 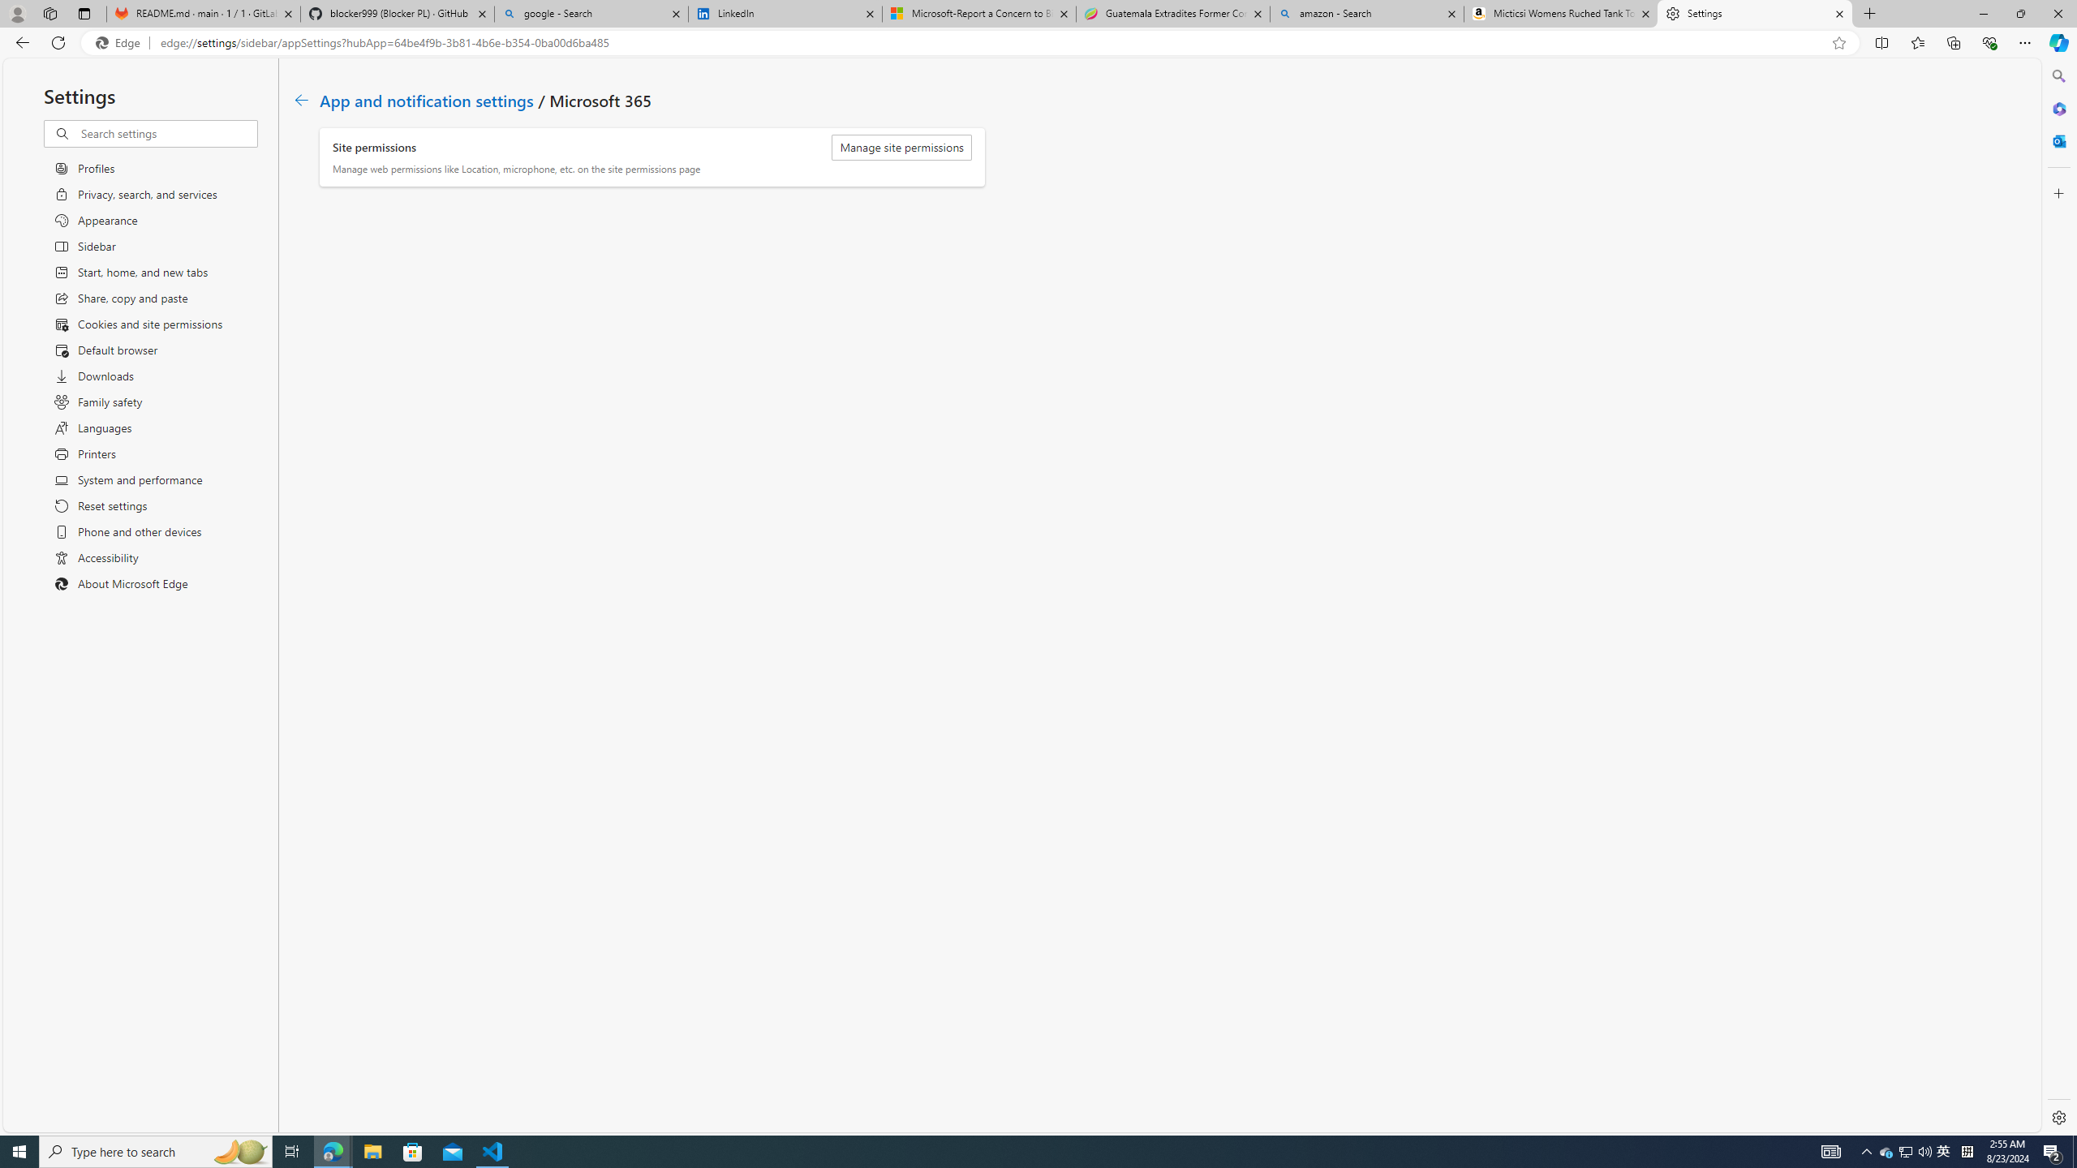 What do you see at coordinates (977, 13) in the screenshot?
I see `'Microsoft-Report a Concern to Bing'` at bounding box center [977, 13].